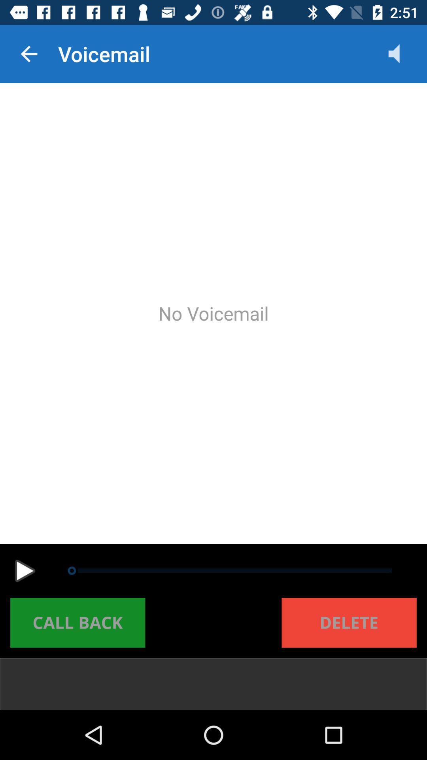 This screenshot has height=760, width=427. What do you see at coordinates (402, 53) in the screenshot?
I see `the item above the no voicemail` at bounding box center [402, 53].